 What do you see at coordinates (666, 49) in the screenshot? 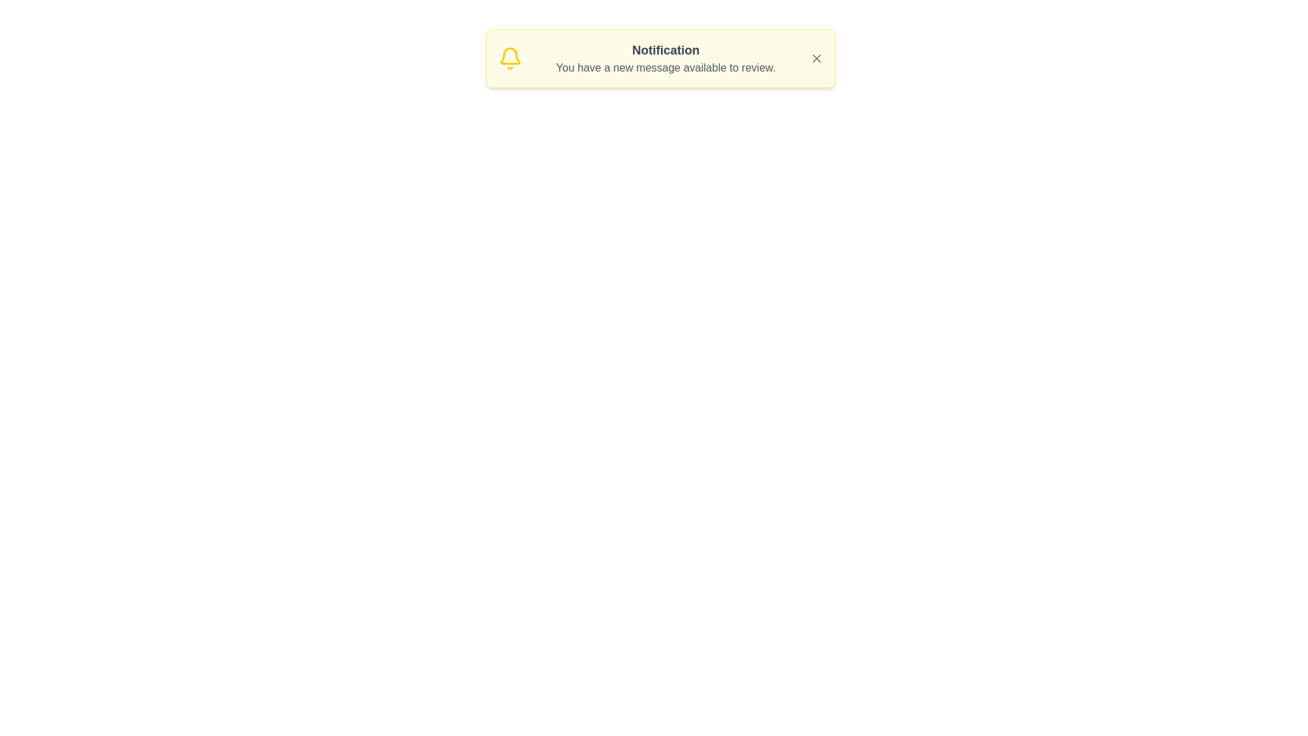
I see `the title text label of the notification card that indicates the purpose of the notification, which is located at the upper portion of the card` at bounding box center [666, 49].